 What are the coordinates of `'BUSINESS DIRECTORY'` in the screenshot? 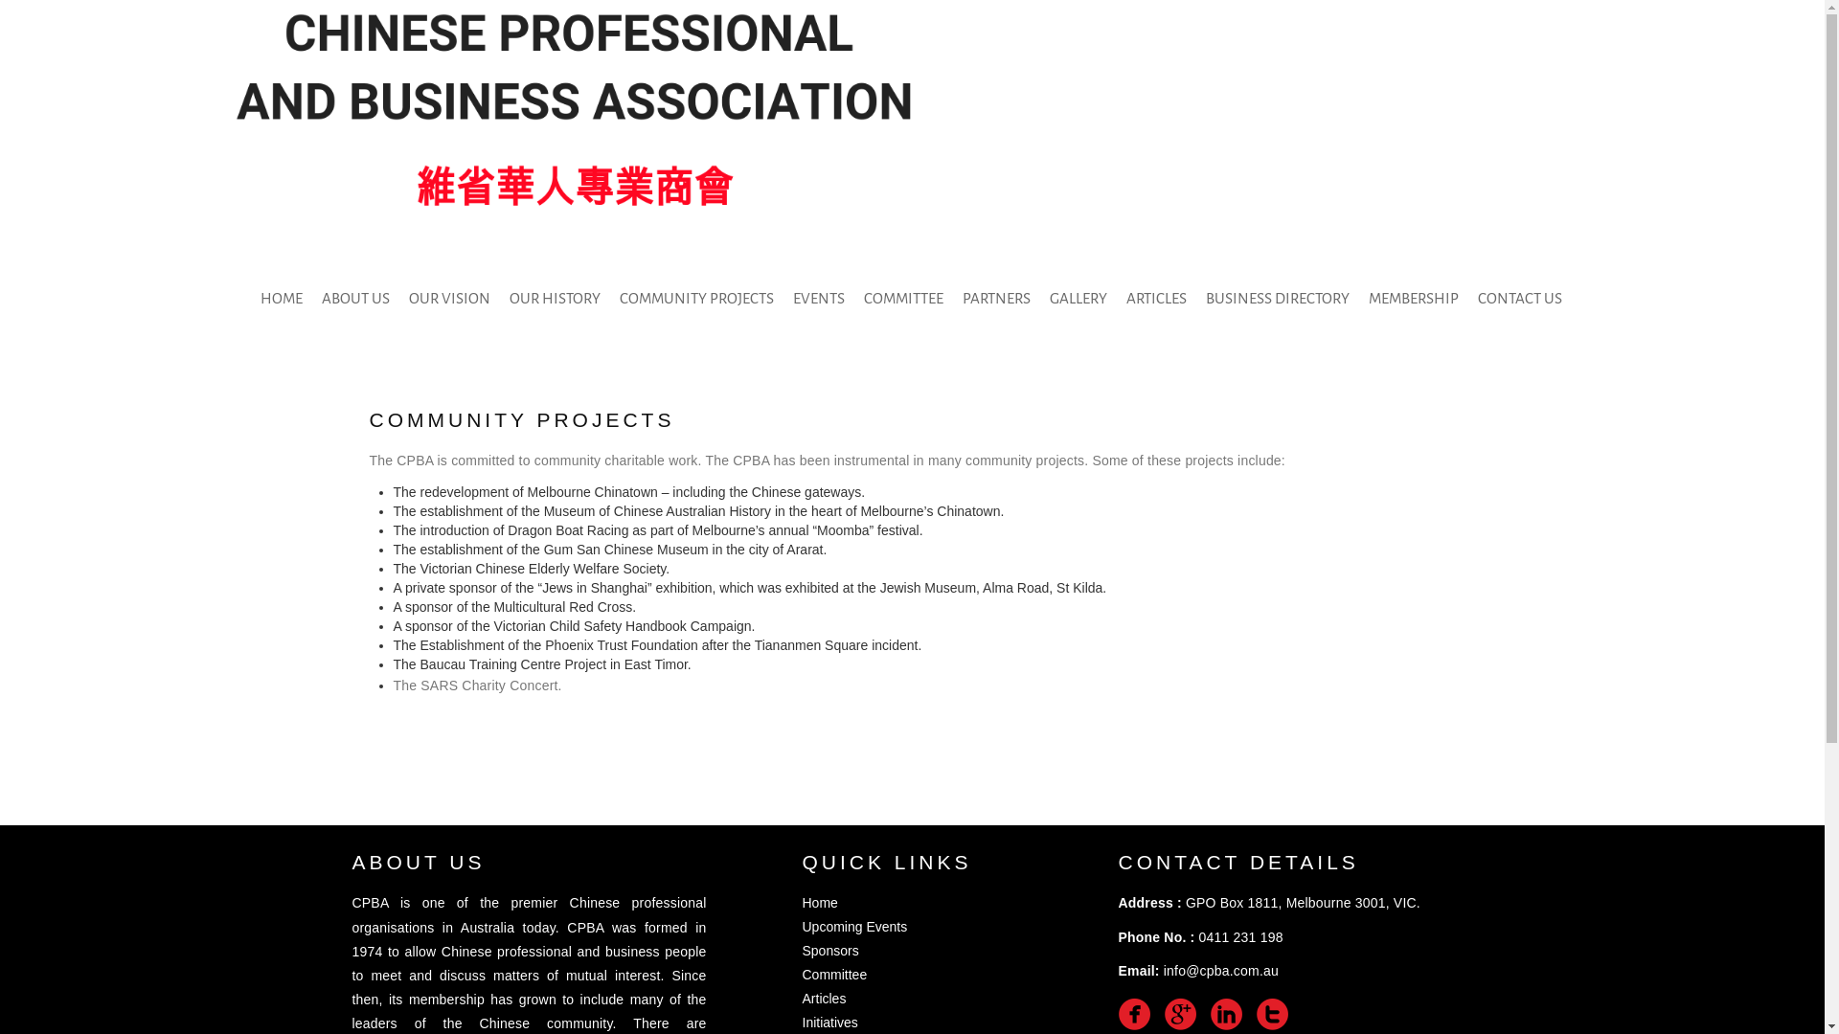 It's located at (1278, 299).